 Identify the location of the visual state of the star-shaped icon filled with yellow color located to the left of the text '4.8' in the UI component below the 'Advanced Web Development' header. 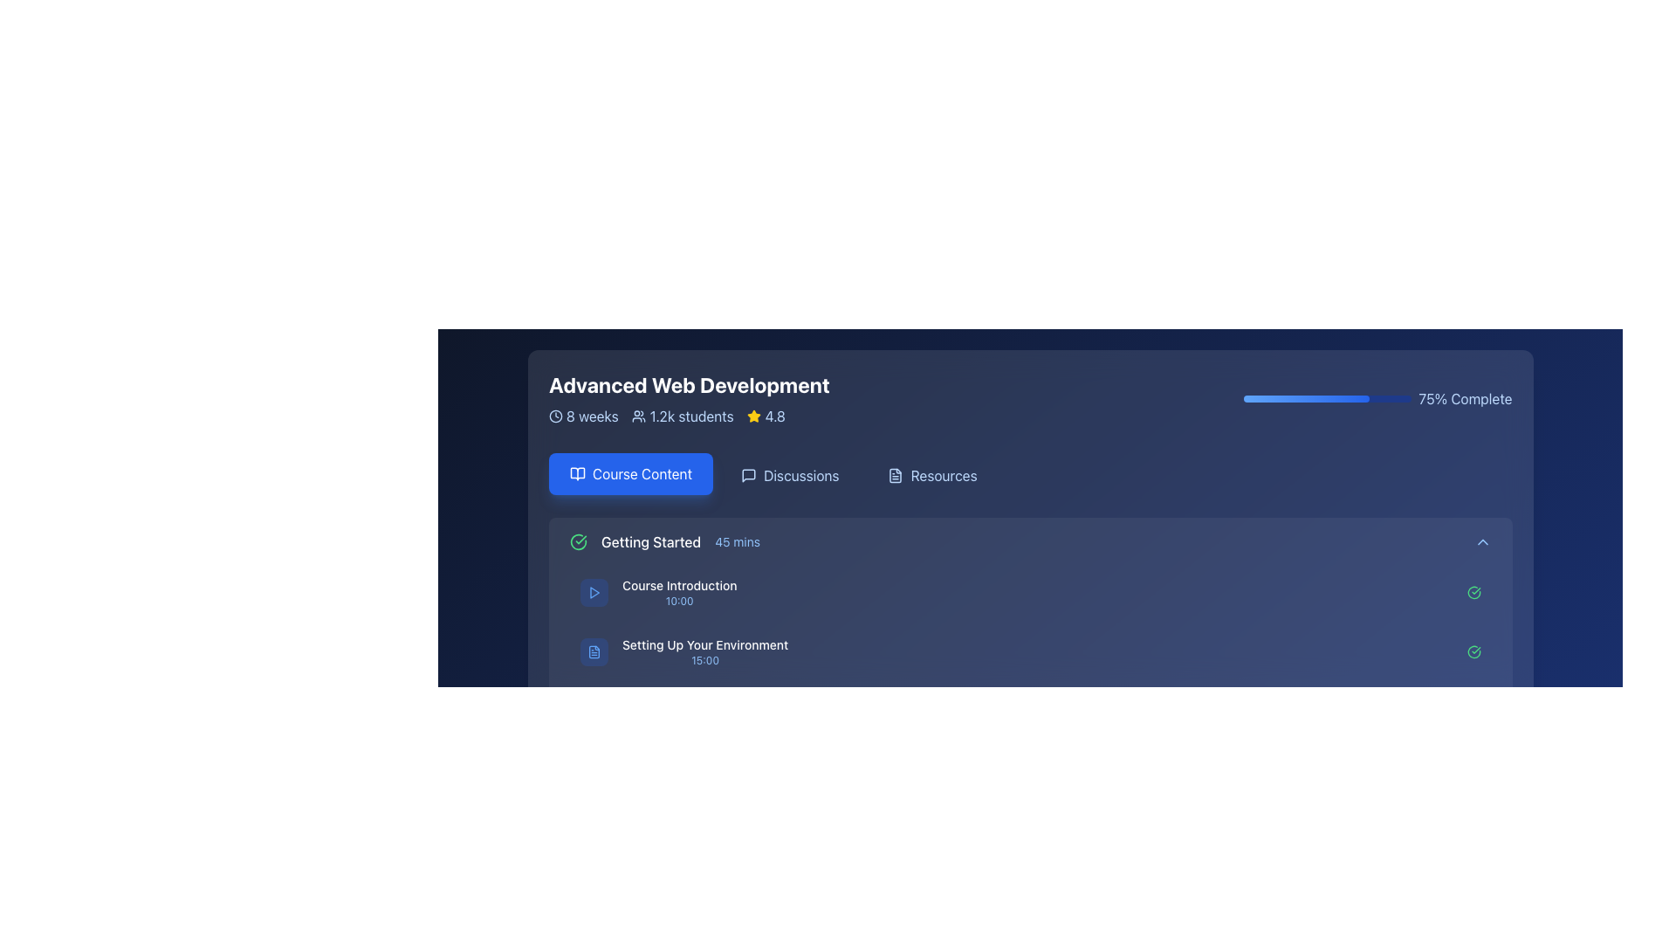
(754, 416).